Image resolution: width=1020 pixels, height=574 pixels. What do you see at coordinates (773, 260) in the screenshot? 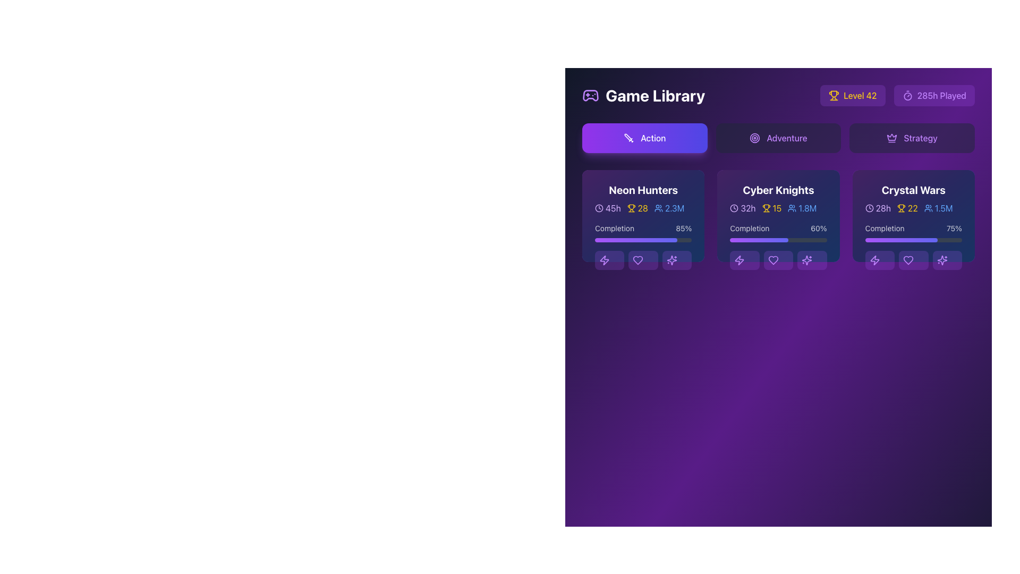
I see `the purple heart-shaped icon located at the bottom center of the 'Cyber Knights' game card, which is the middle icon among three action icons` at bounding box center [773, 260].